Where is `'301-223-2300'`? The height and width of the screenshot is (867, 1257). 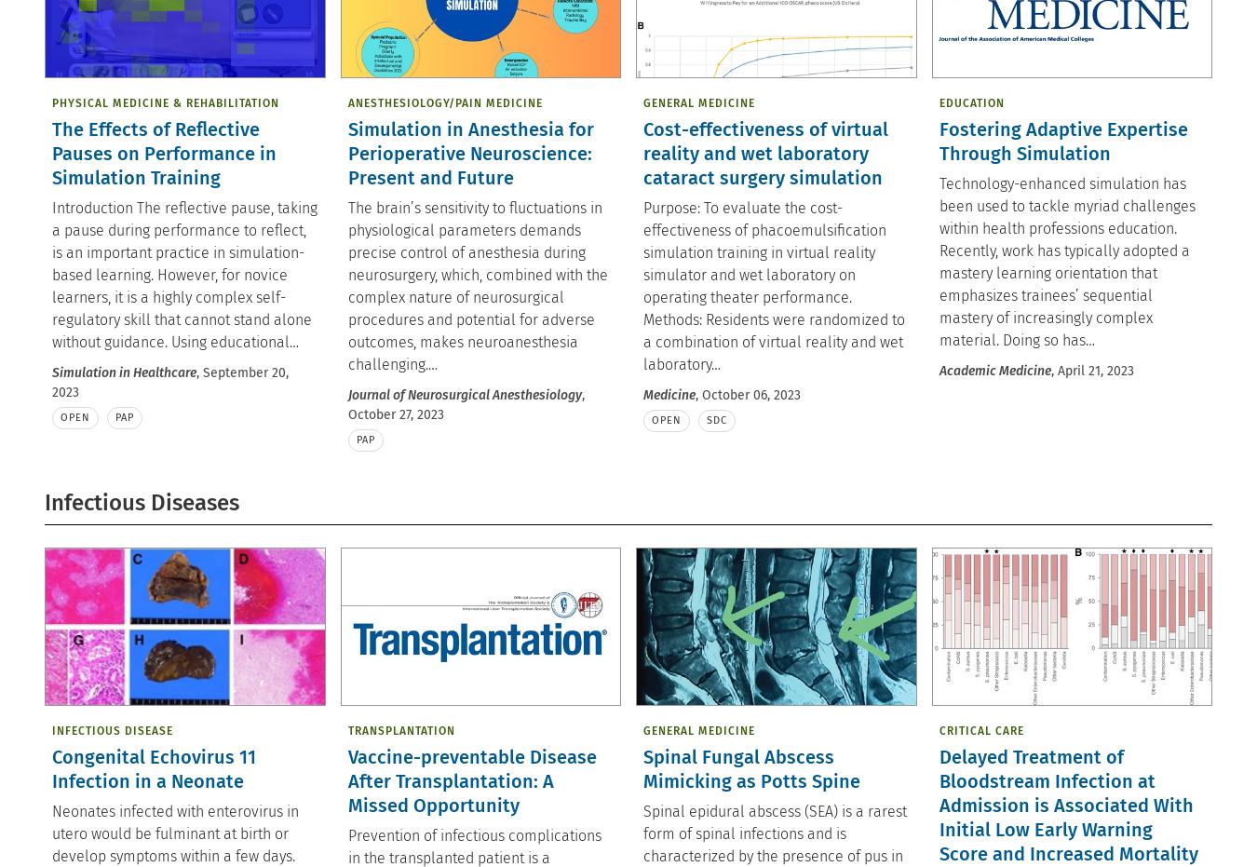
'301-223-2300' is located at coordinates (1082, 77).